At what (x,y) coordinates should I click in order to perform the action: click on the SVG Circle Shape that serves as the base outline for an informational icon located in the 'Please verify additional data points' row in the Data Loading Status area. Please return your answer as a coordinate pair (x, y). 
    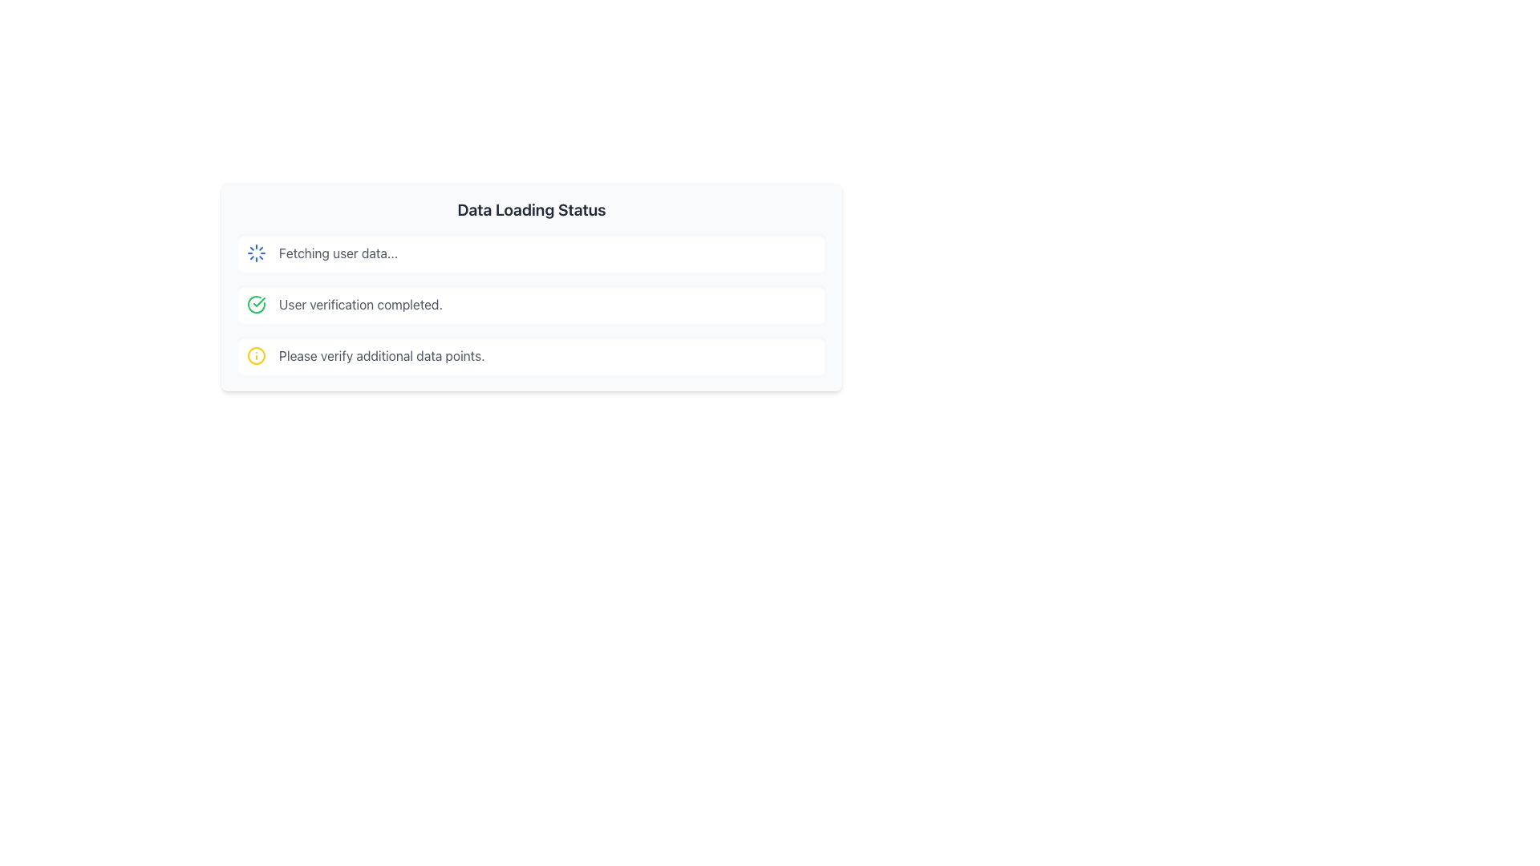
    Looking at the image, I should click on (257, 354).